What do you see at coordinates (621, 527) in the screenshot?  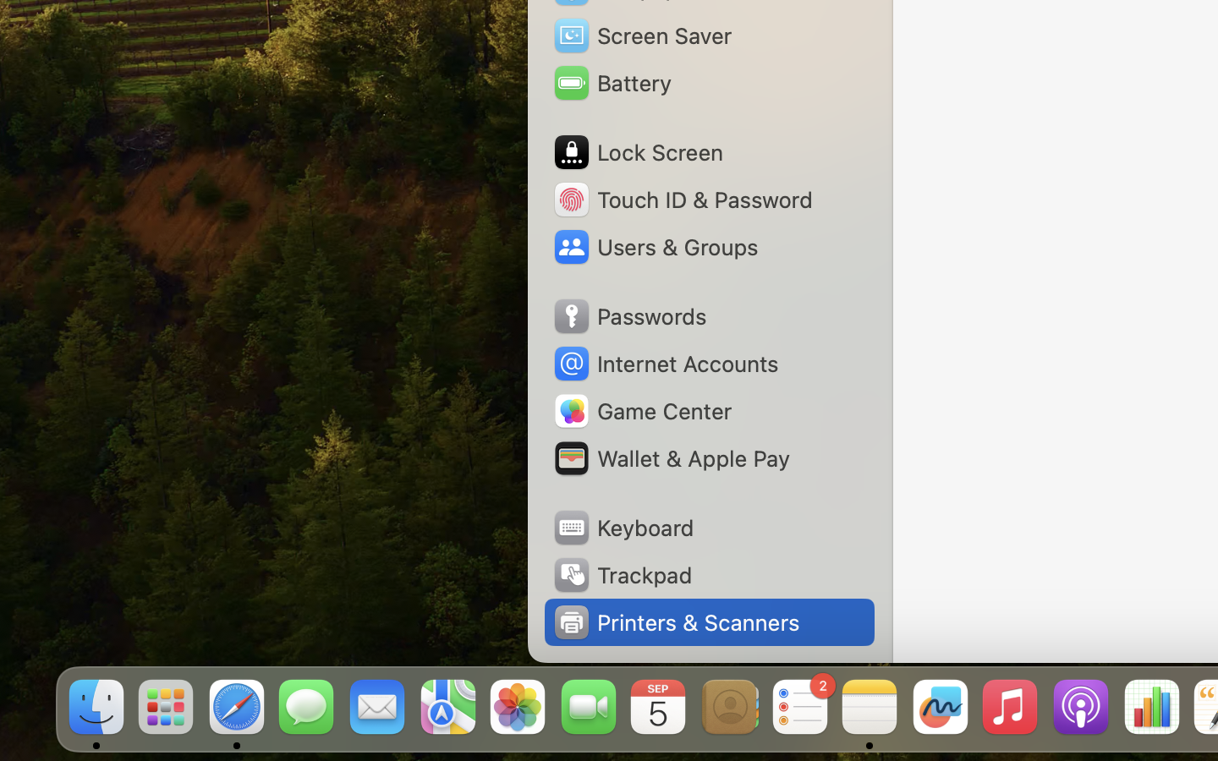 I see `'Keyboard'` at bounding box center [621, 527].